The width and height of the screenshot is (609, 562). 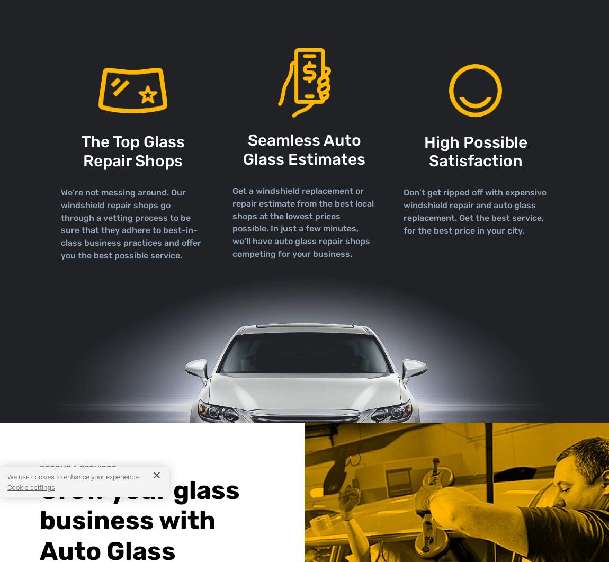 What do you see at coordinates (132, 160) in the screenshot?
I see `'Repair Shops'` at bounding box center [132, 160].